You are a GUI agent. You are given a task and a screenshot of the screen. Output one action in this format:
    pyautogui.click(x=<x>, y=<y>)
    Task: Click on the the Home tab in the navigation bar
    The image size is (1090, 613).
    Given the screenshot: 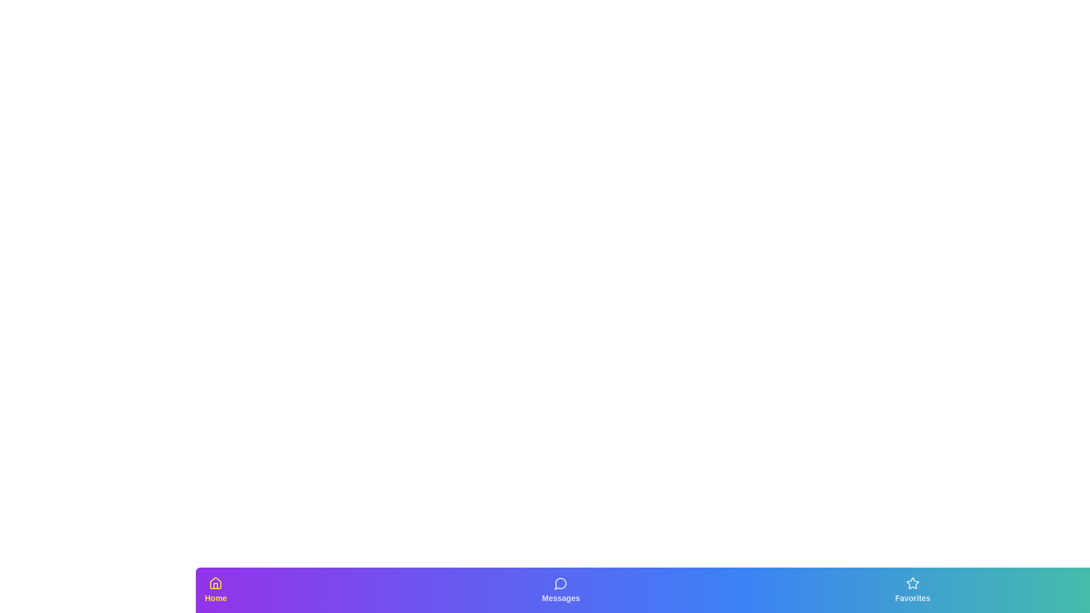 What is the action you would take?
    pyautogui.click(x=216, y=590)
    